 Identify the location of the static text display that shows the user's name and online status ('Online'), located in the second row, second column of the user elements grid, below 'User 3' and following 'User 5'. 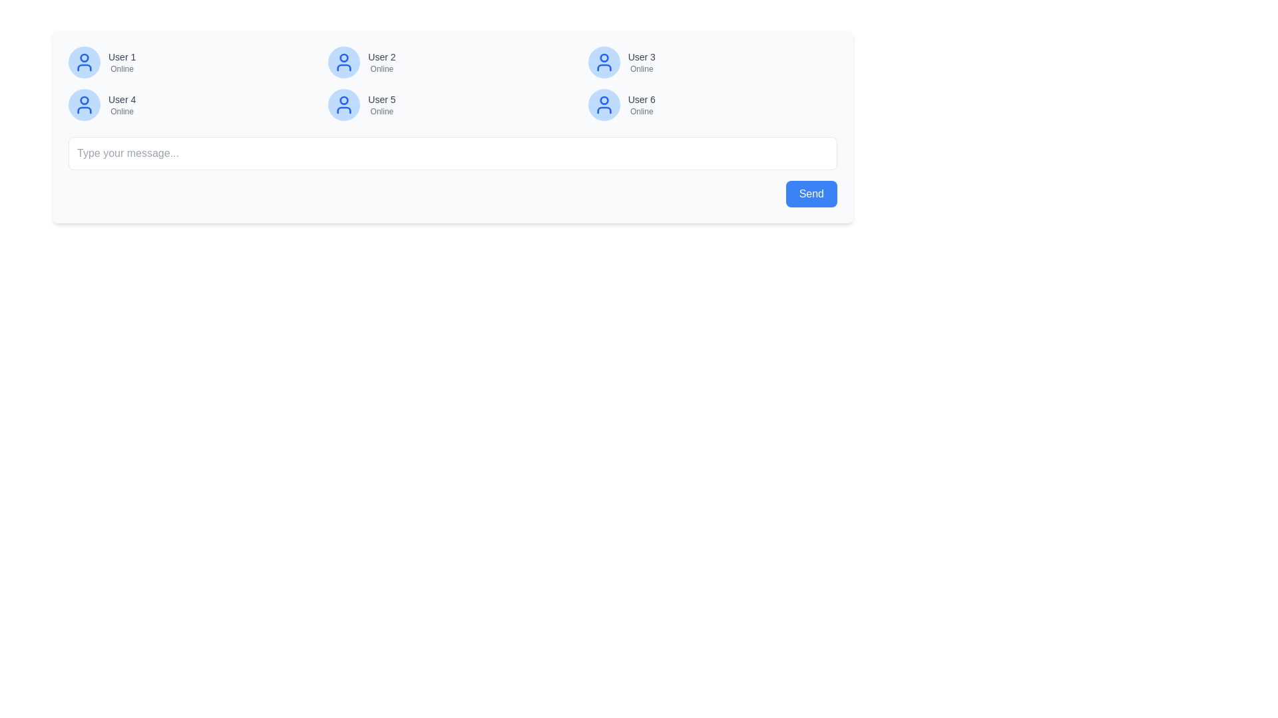
(642, 104).